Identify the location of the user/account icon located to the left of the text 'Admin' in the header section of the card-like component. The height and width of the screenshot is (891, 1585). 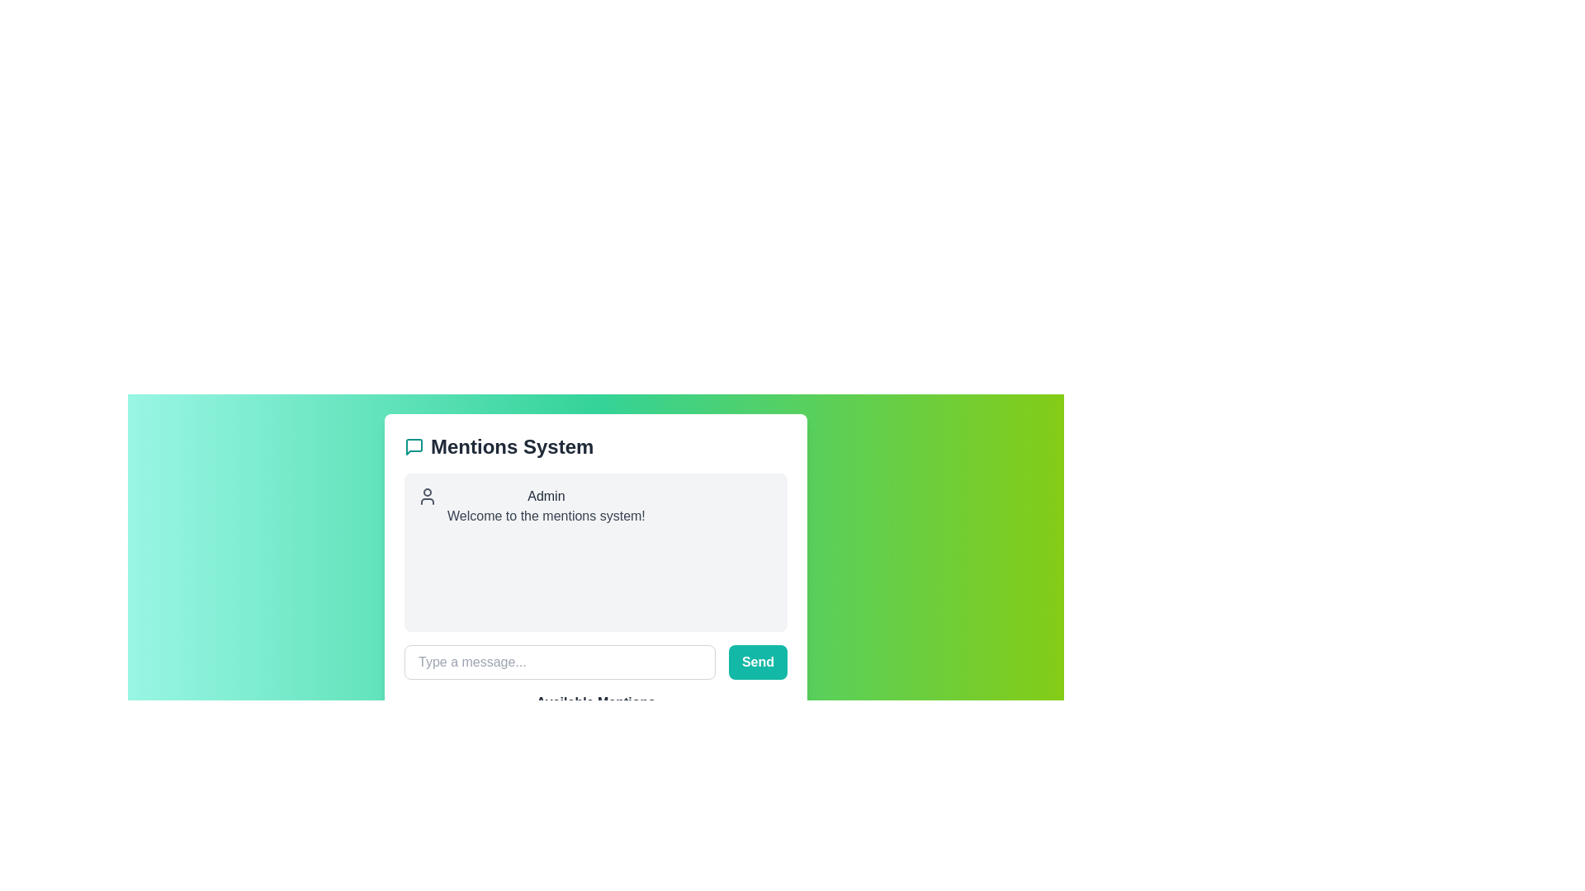
(428, 495).